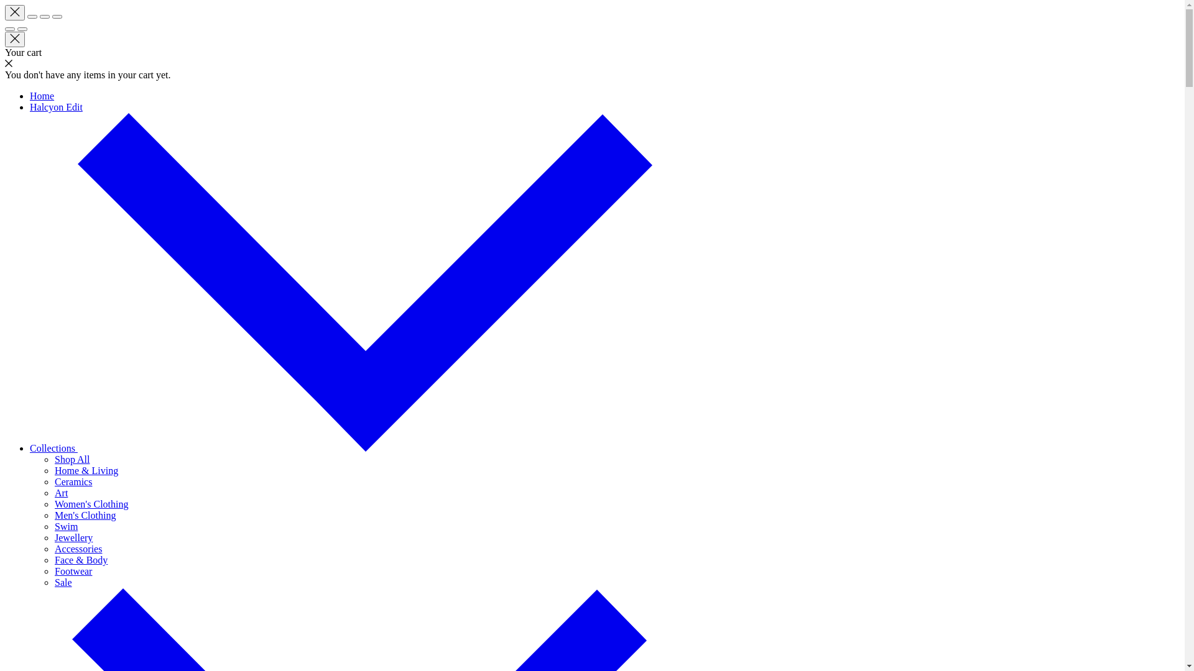 The image size is (1194, 671). I want to click on 'Zoom in/out', so click(56, 17).